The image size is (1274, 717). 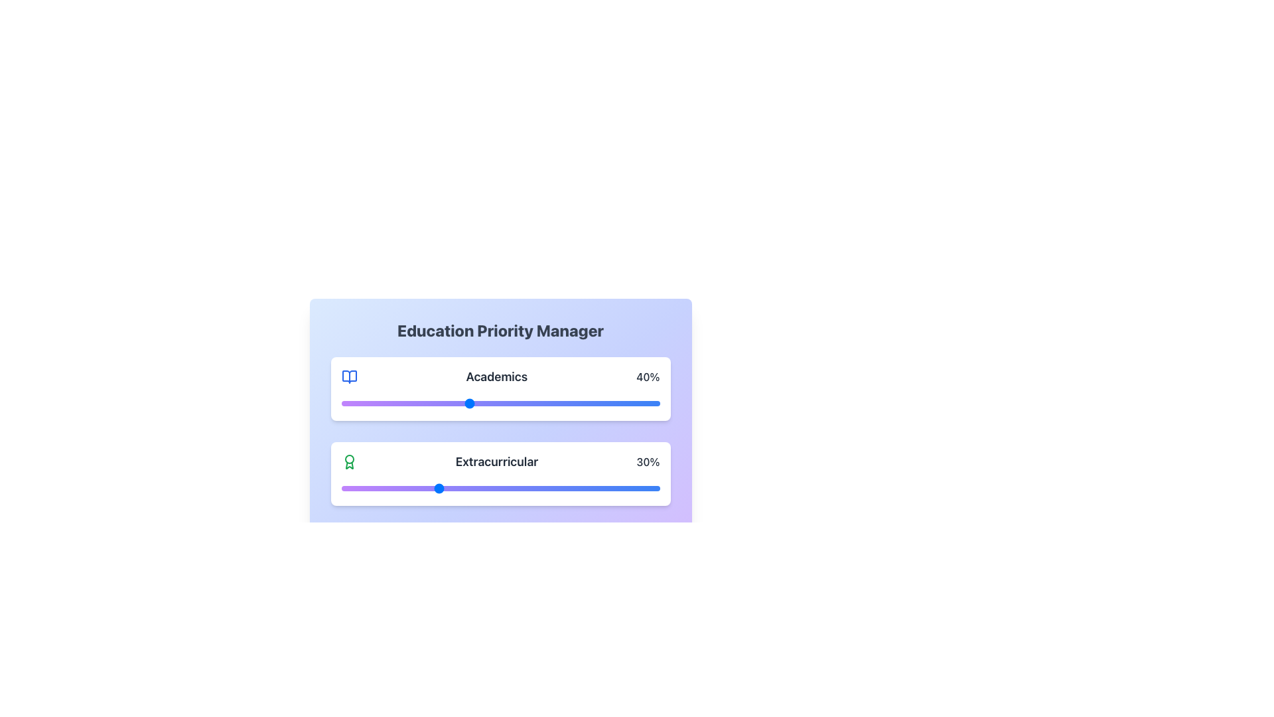 I want to click on 'Extracurricular' value, so click(x=496, y=489).